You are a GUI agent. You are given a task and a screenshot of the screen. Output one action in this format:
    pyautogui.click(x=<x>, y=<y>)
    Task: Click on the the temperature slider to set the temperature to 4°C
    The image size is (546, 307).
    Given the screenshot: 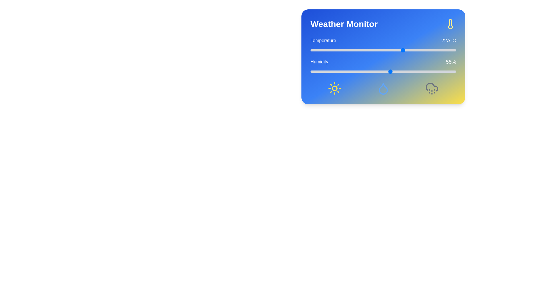 What is the action you would take?
    pyautogui.click(x=351, y=50)
    